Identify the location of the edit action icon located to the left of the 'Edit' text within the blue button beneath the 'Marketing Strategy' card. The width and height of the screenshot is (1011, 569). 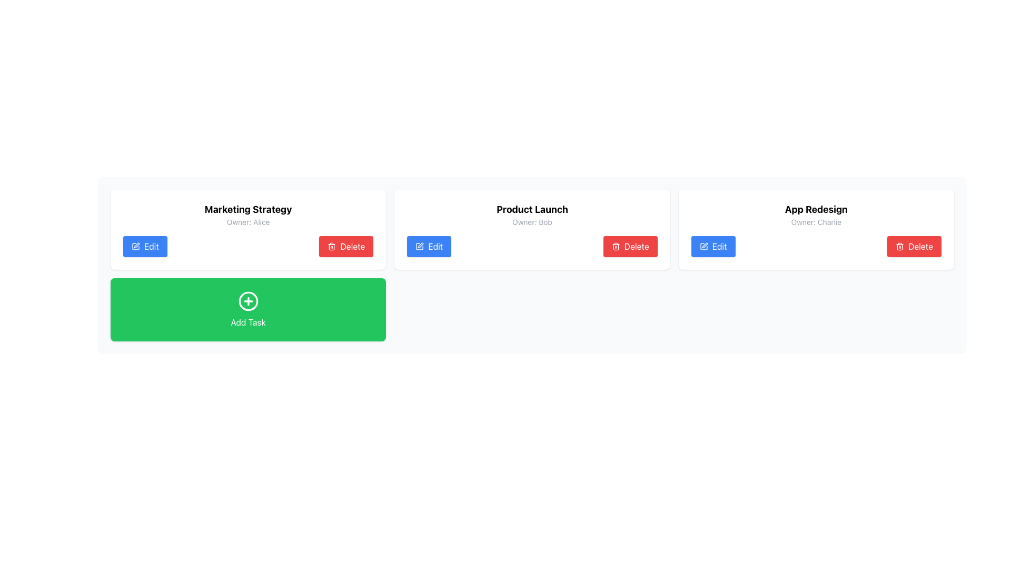
(135, 246).